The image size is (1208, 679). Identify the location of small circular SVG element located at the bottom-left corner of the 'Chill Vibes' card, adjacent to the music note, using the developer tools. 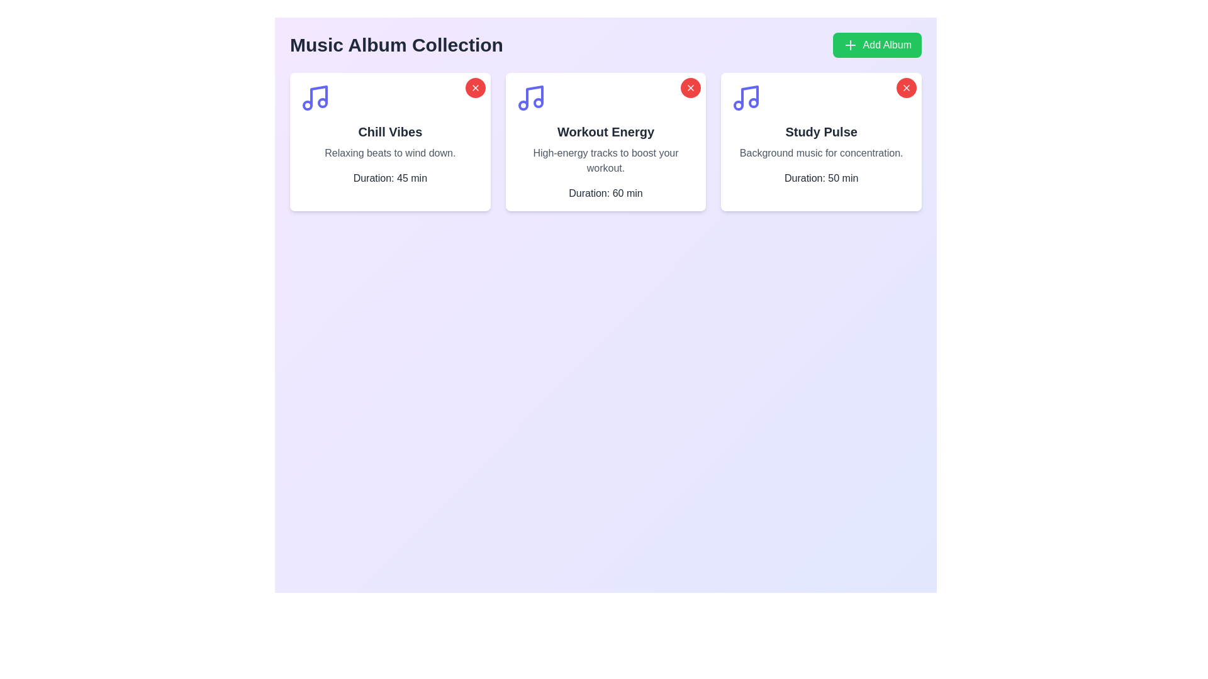
(308, 105).